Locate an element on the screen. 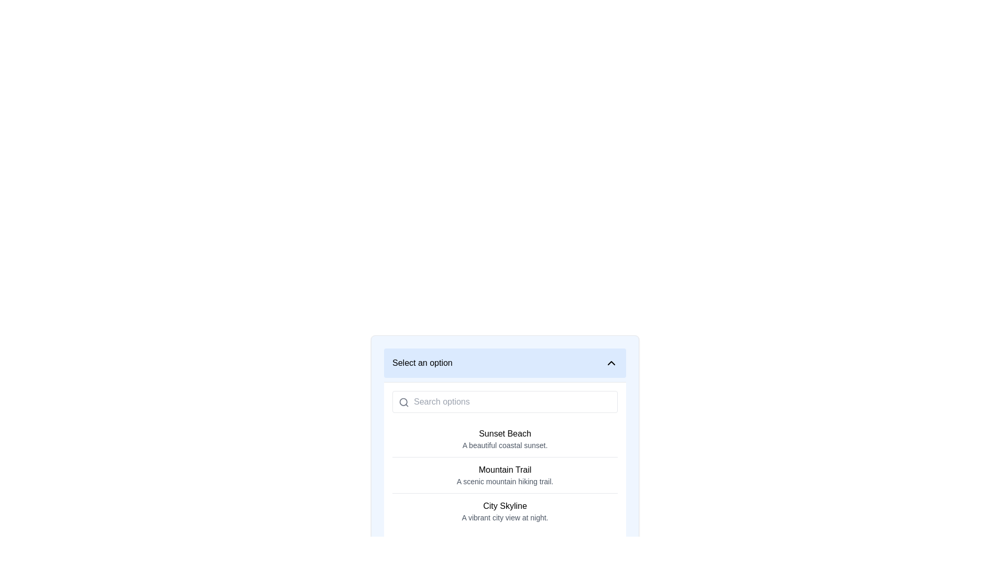  the descriptive text element located below the 'Sunset Beach' heading in the dropdown list is located at coordinates (505, 445).